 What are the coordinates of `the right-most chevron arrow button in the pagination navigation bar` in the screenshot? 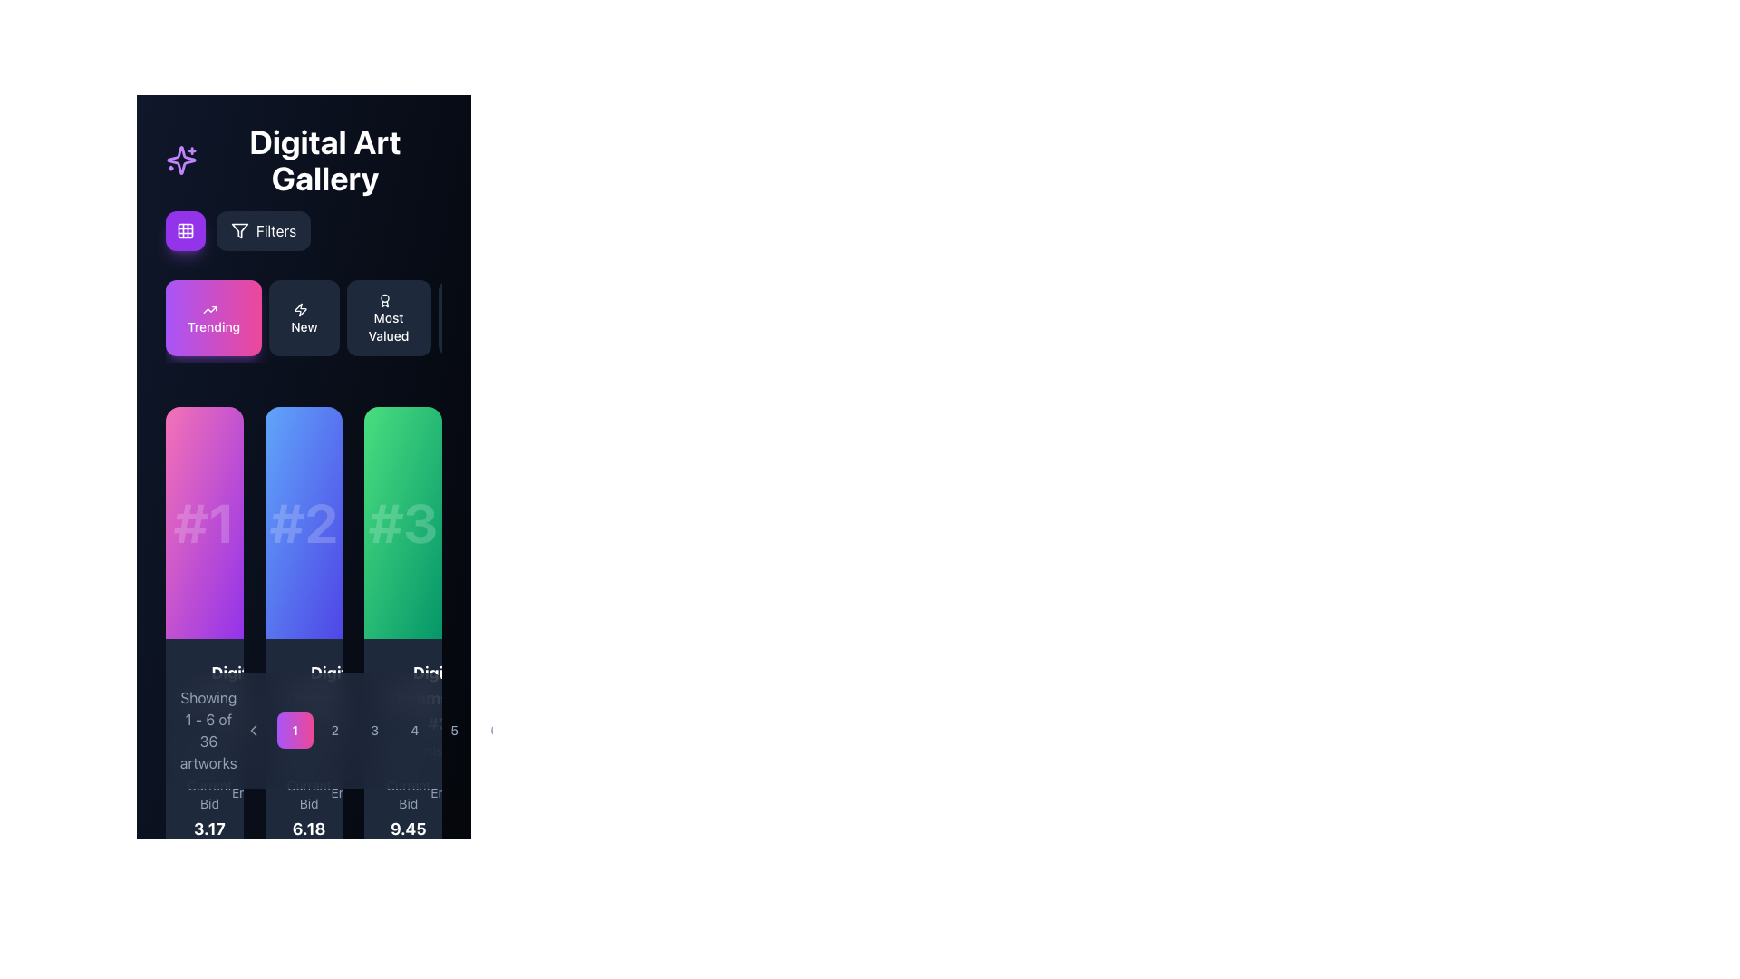 It's located at (535, 730).